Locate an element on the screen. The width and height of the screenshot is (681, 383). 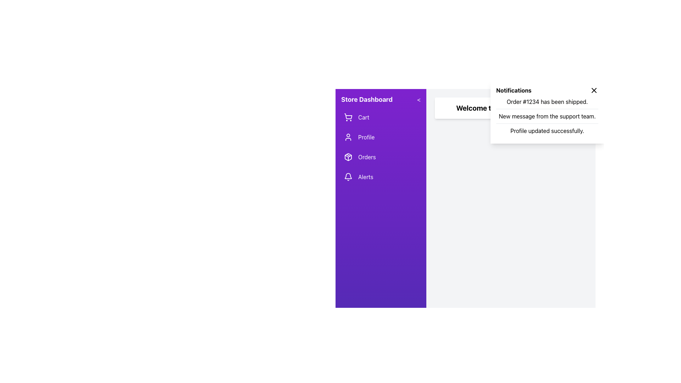
the 'Alerts' text label, which is styled in white font against a purple background and located in the vertical navigation bar below the 'Orders' label is located at coordinates (366, 176).